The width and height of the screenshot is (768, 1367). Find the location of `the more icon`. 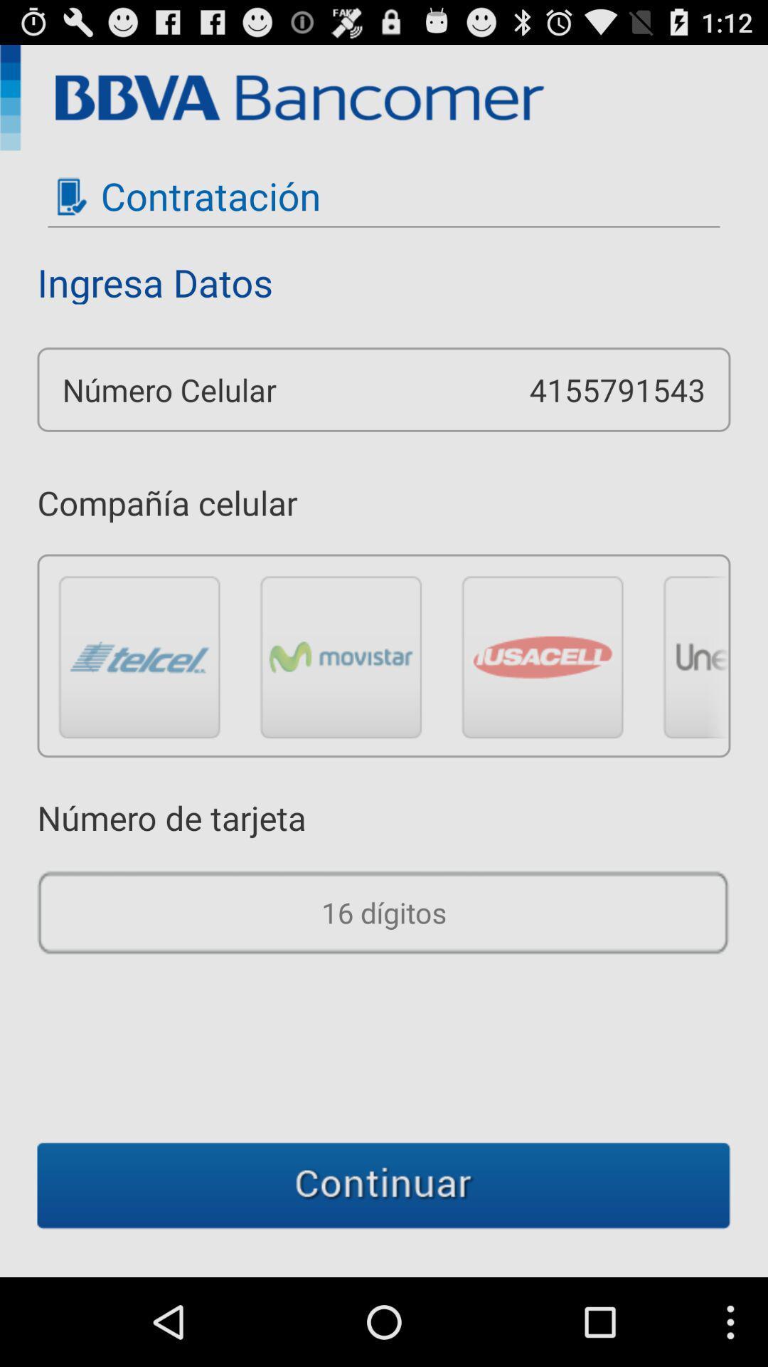

the more icon is located at coordinates (695, 703).